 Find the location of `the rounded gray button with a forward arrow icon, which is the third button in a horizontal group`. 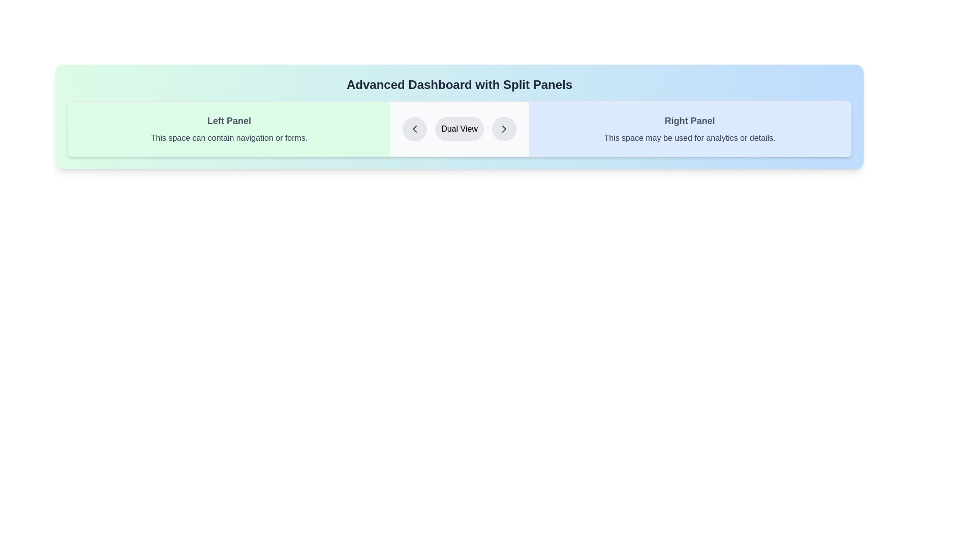

the rounded gray button with a forward arrow icon, which is the third button in a horizontal group is located at coordinates (504, 129).